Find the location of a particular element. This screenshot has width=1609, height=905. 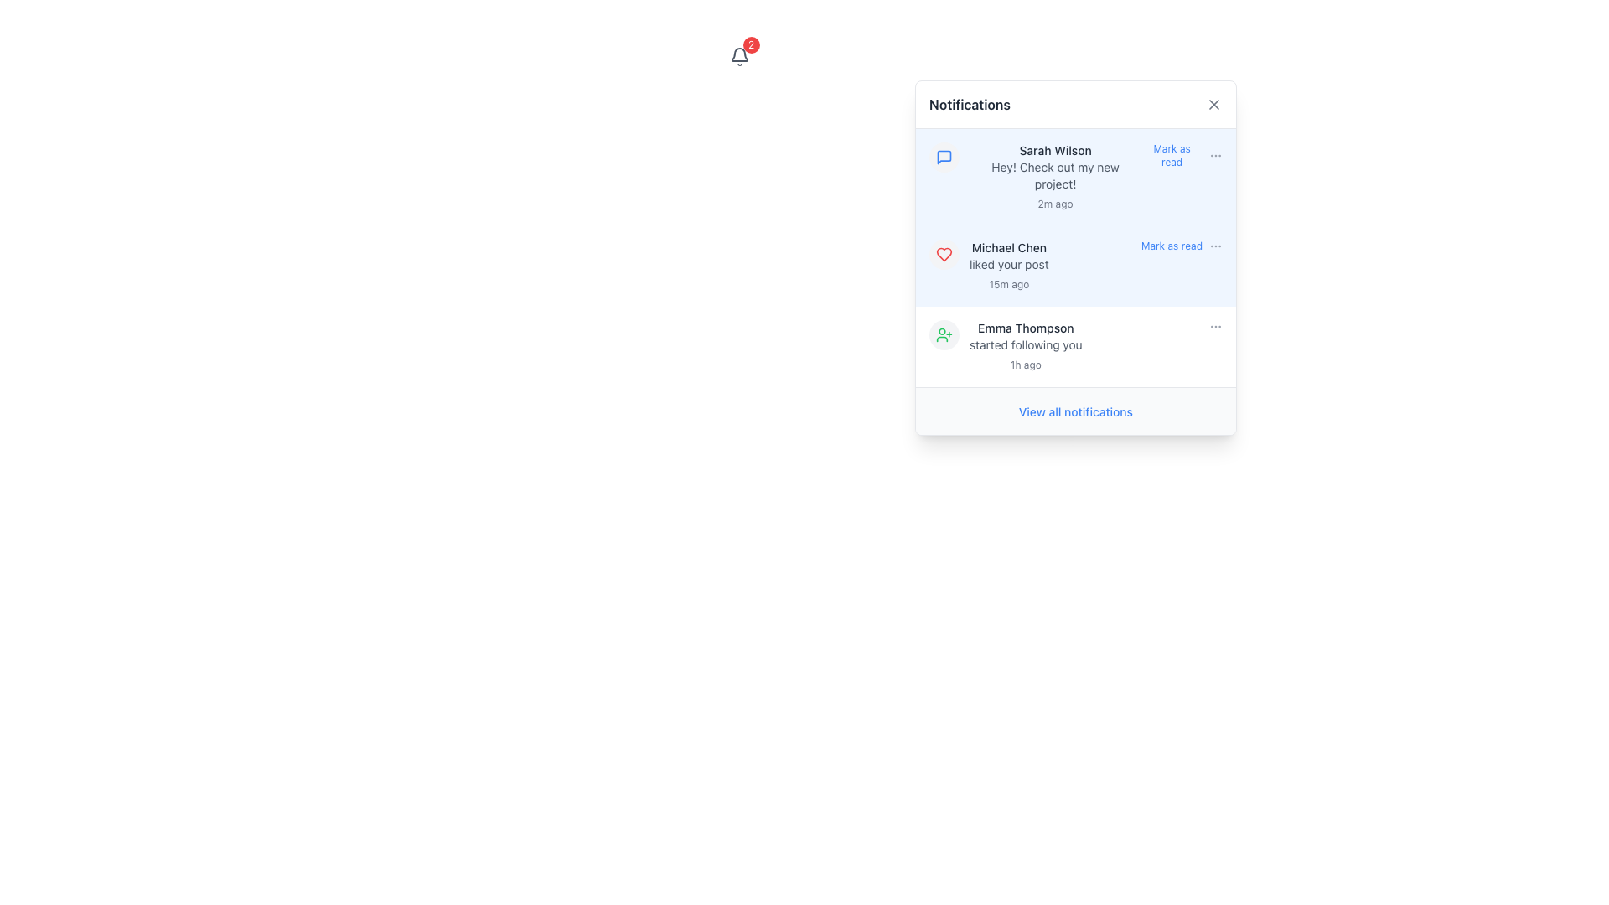

the notification trigger button located in the top-right corner of the layout is located at coordinates (738, 56).